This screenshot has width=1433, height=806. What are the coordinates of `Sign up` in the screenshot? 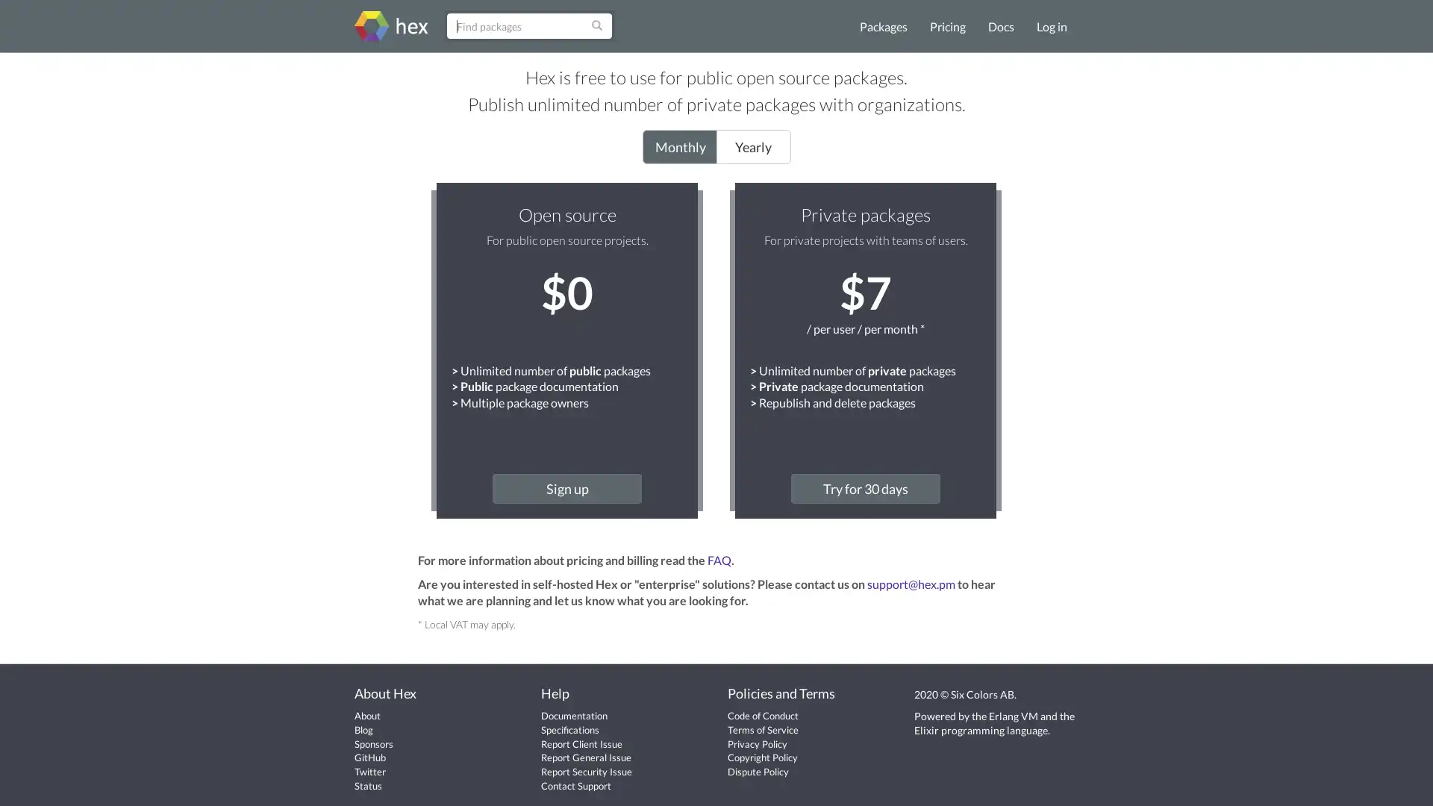 It's located at (566, 488).